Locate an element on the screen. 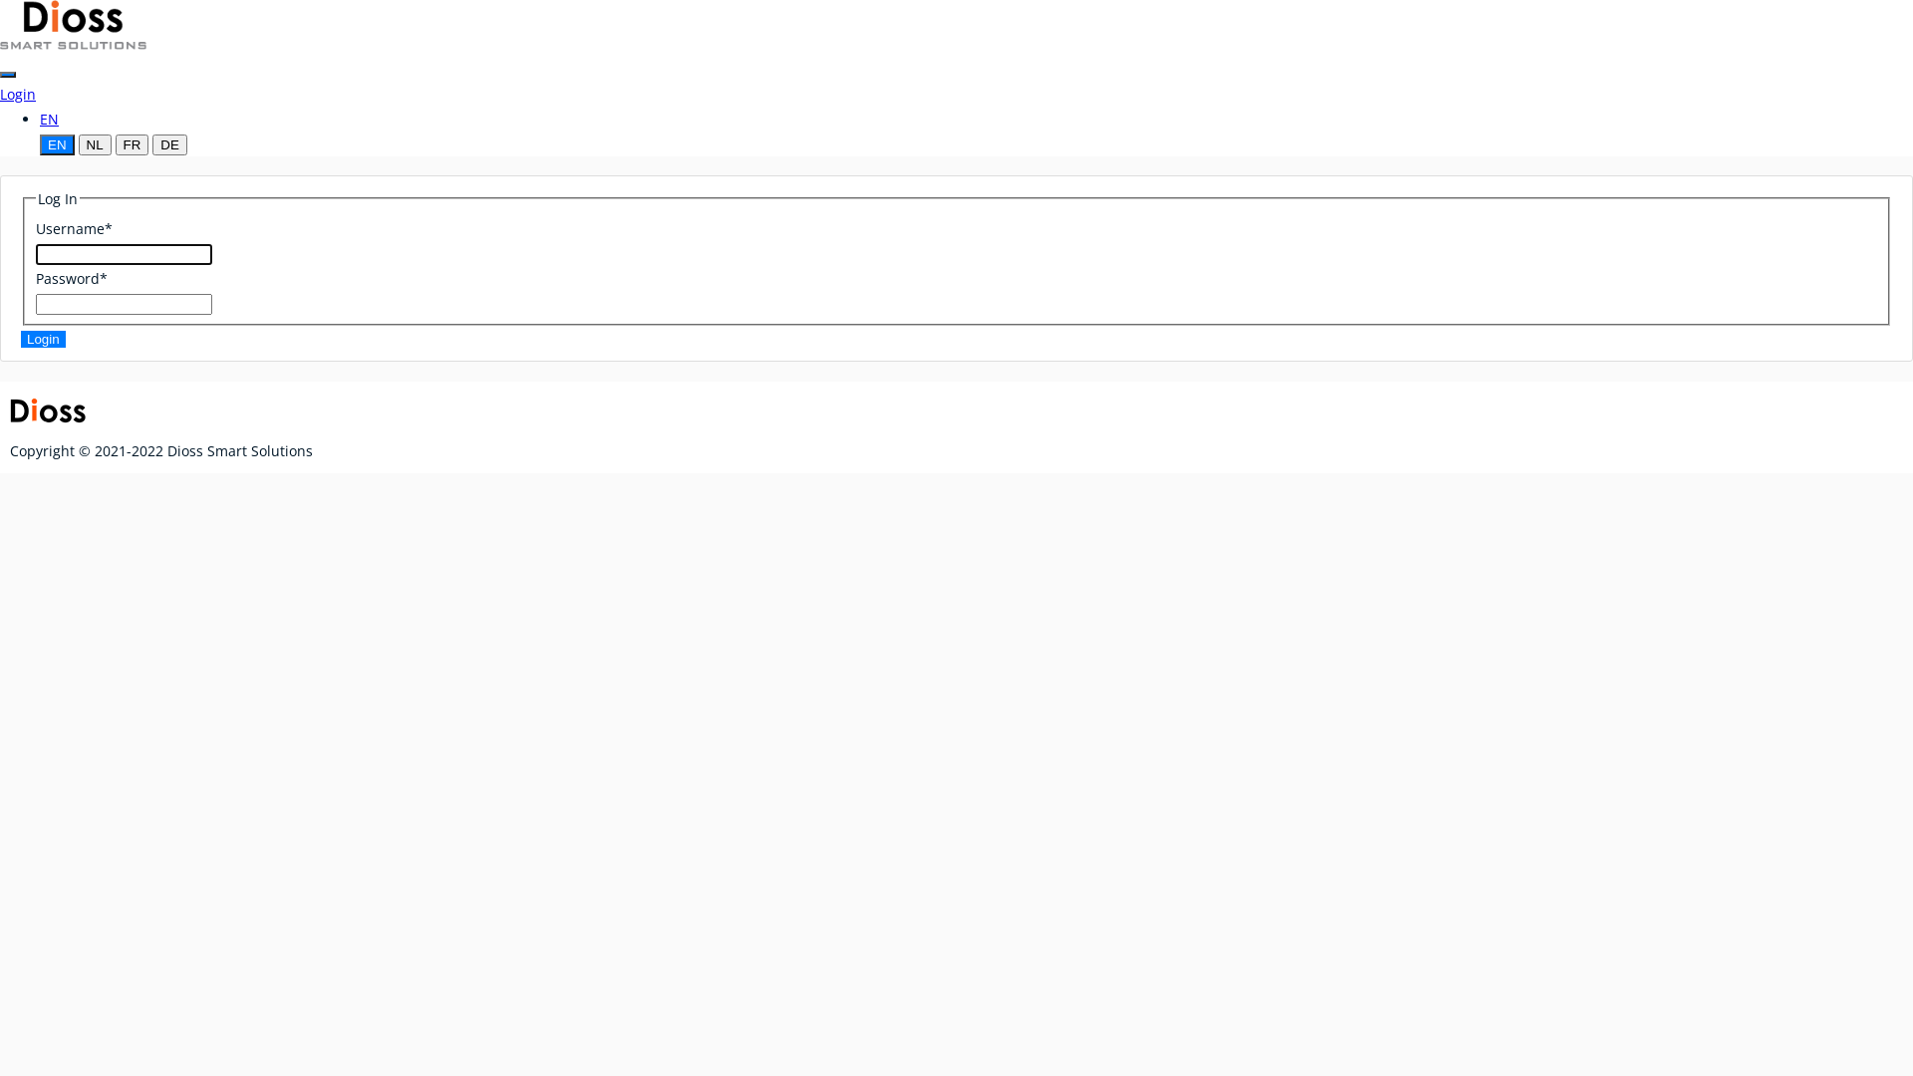 This screenshot has width=1913, height=1076. 'FR' is located at coordinates (132, 143).